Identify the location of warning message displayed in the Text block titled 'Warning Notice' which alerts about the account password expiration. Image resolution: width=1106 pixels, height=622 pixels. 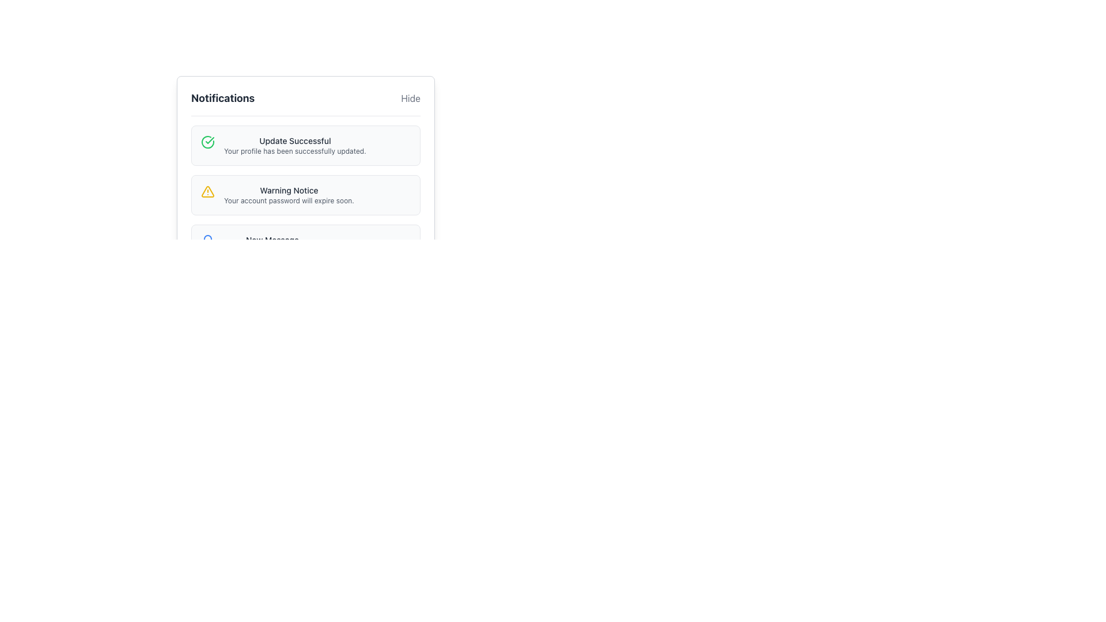
(289, 195).